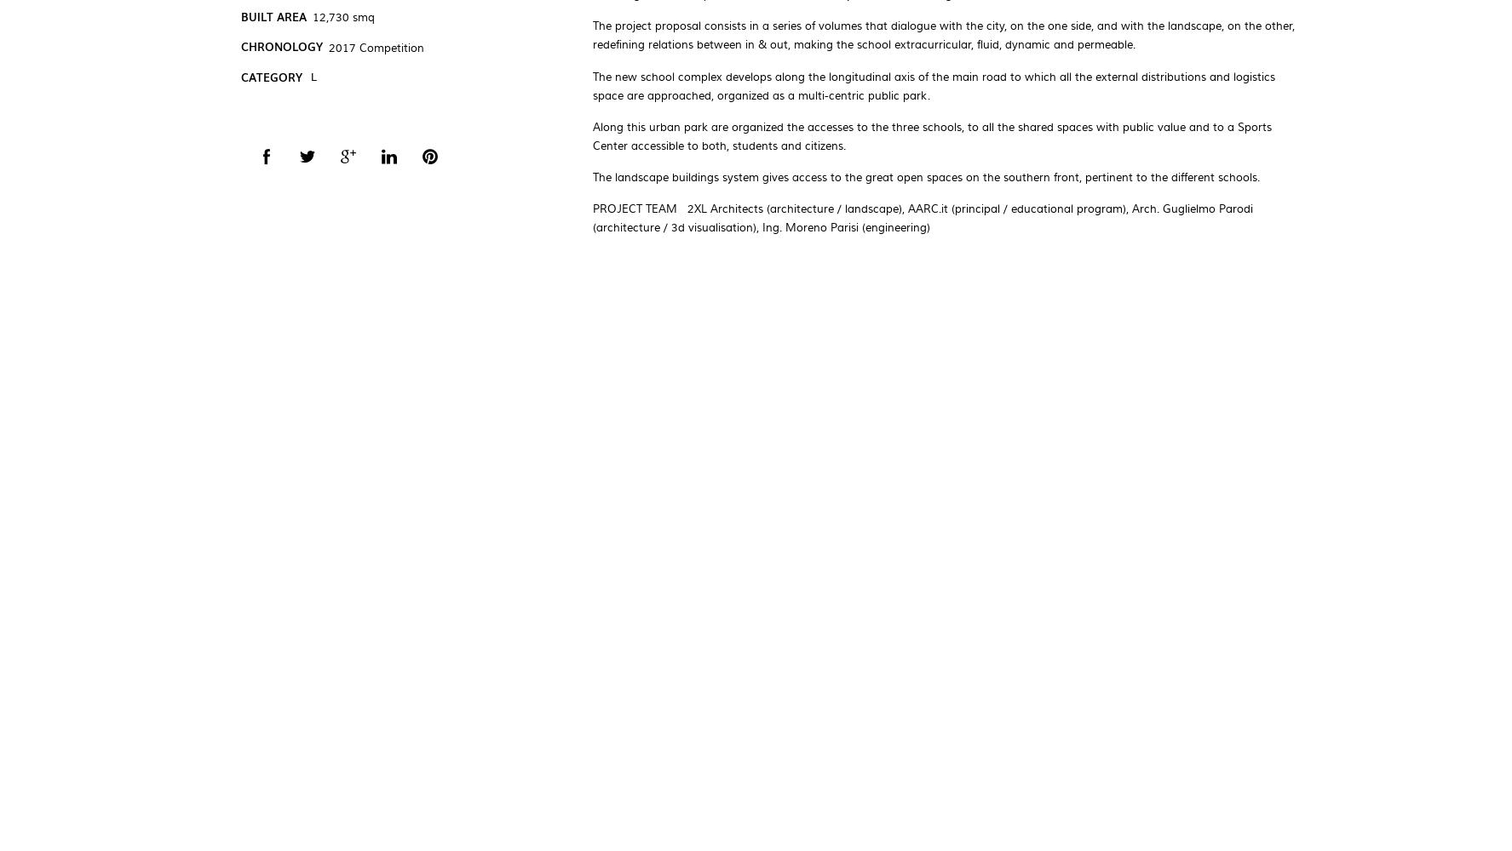  Describe the element at coordinates (271, 76) in the screenshot. I see `'Category'` at that location.